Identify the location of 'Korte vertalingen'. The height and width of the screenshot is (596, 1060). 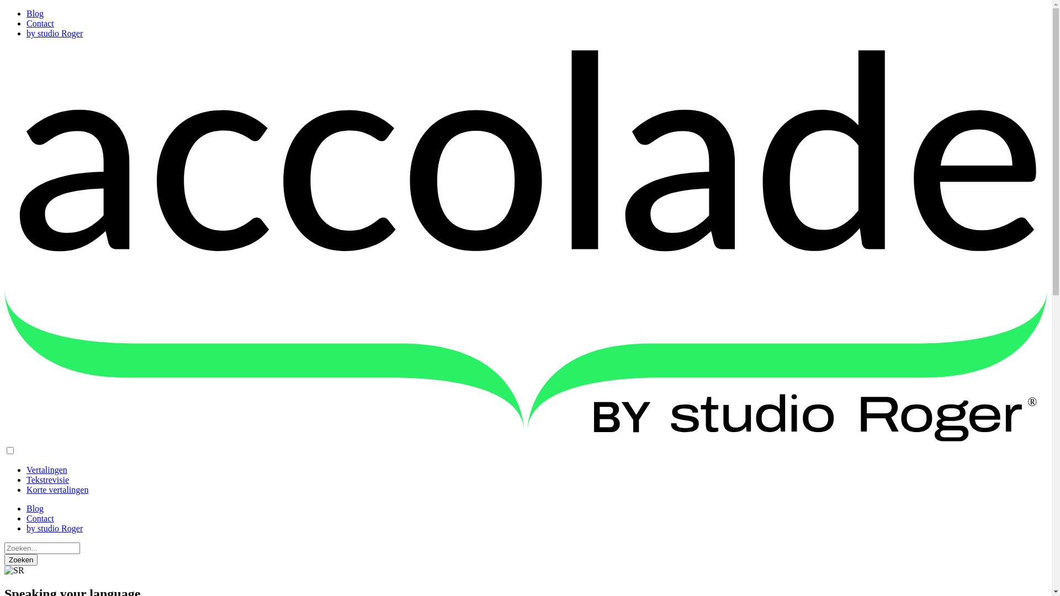
(57, 489).